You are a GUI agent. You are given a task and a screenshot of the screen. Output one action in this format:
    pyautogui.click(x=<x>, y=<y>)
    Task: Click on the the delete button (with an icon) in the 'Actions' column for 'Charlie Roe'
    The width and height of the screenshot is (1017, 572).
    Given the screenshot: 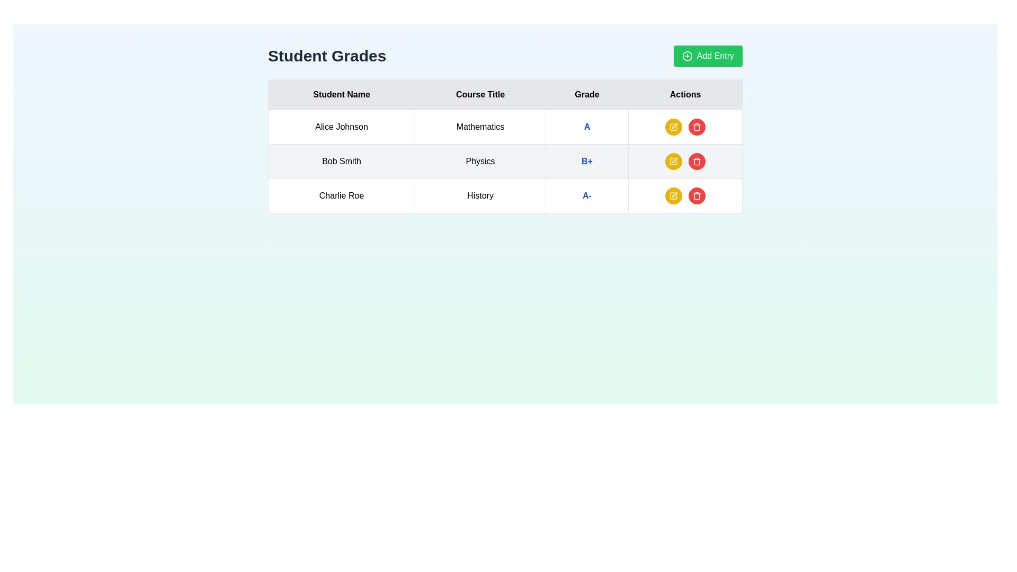 What is the action you would take?
    pyautogui.click(x=697, y=196)
    